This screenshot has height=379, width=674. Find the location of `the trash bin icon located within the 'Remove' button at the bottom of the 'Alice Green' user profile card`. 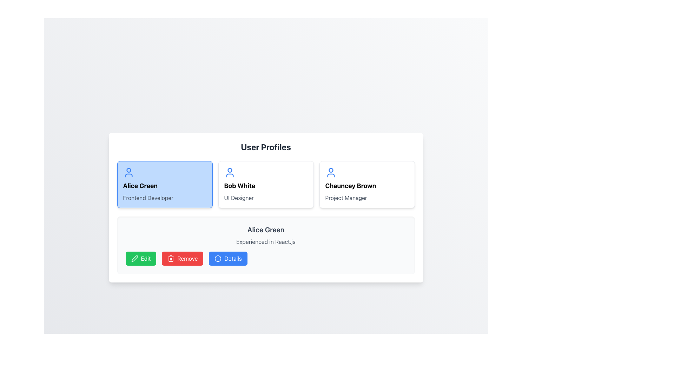

the trash bin icon located within the 'Remove' button at the bottom of the 'Alice Green' user profile card is located at coordinates (171, 258).